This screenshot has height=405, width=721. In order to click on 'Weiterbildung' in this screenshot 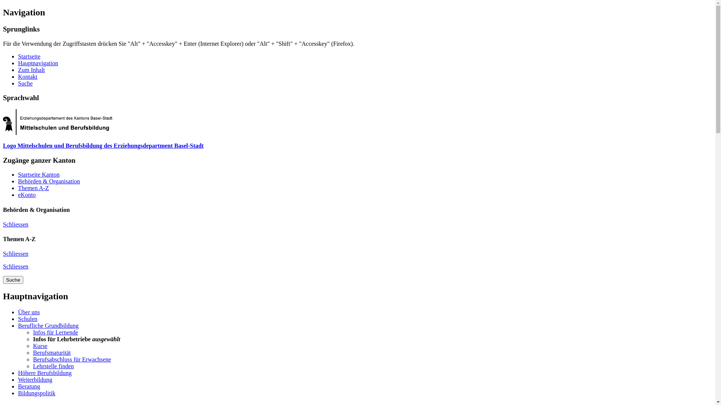, I will do `click(35, 379)`.